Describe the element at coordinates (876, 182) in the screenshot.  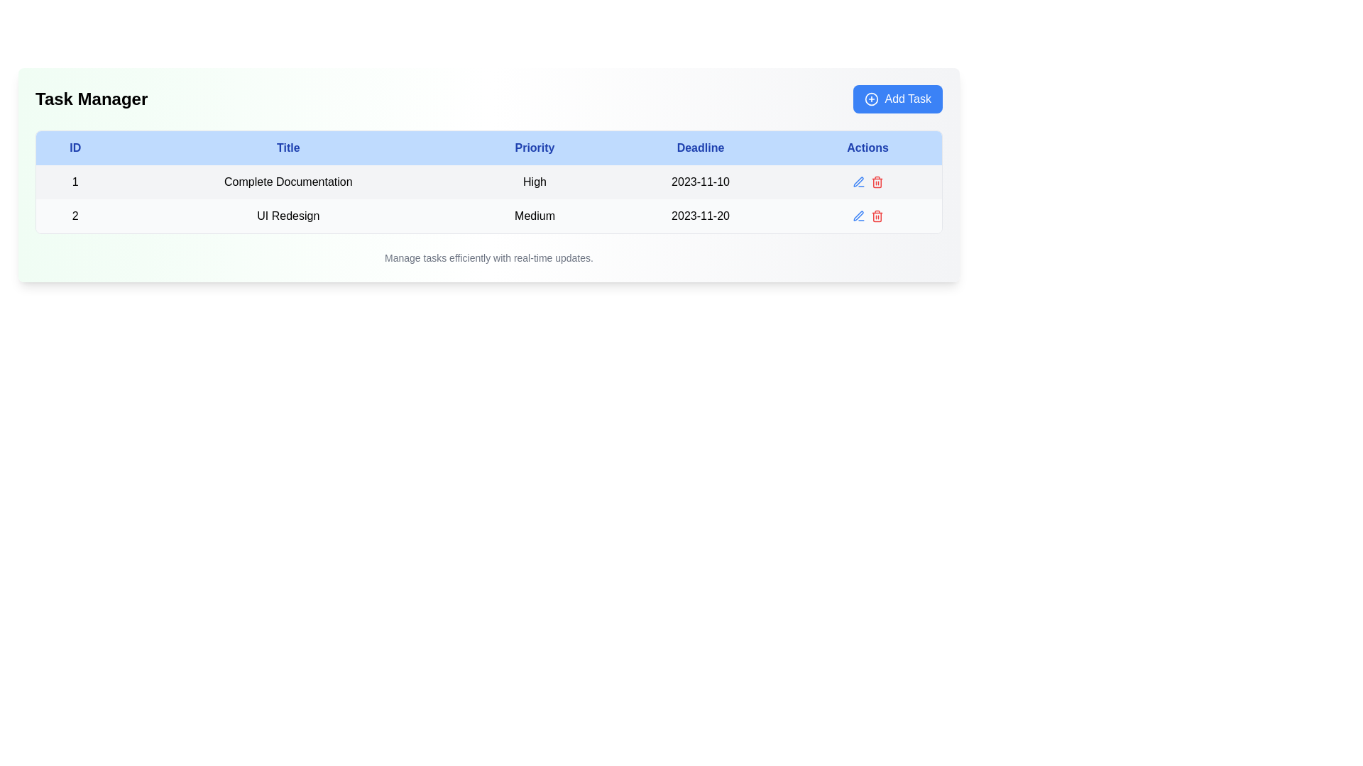
I see `the Delete button located in the Actions column of the second row for the task titled 'UI Redesign'` at that location.